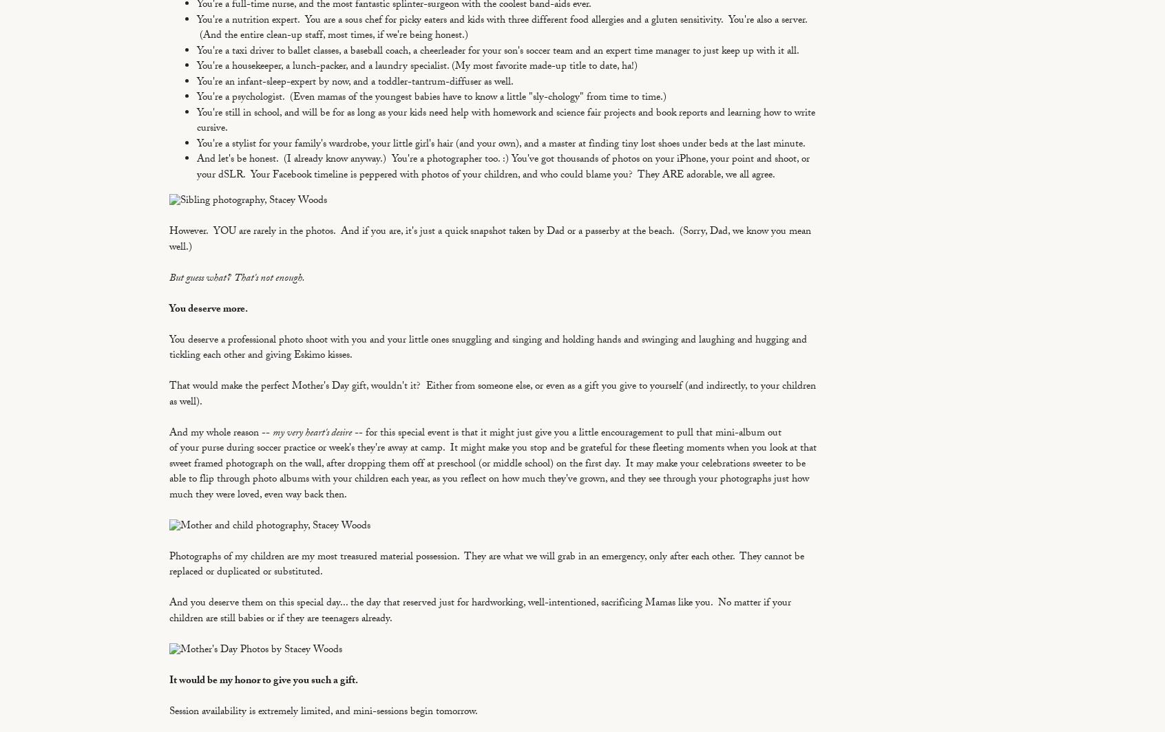 The height and width of the screenshot is (732, 1165). I want to click on 'Session availability is extremely limited, and mini-sessions begin tomorrow.', so click(323, 711).